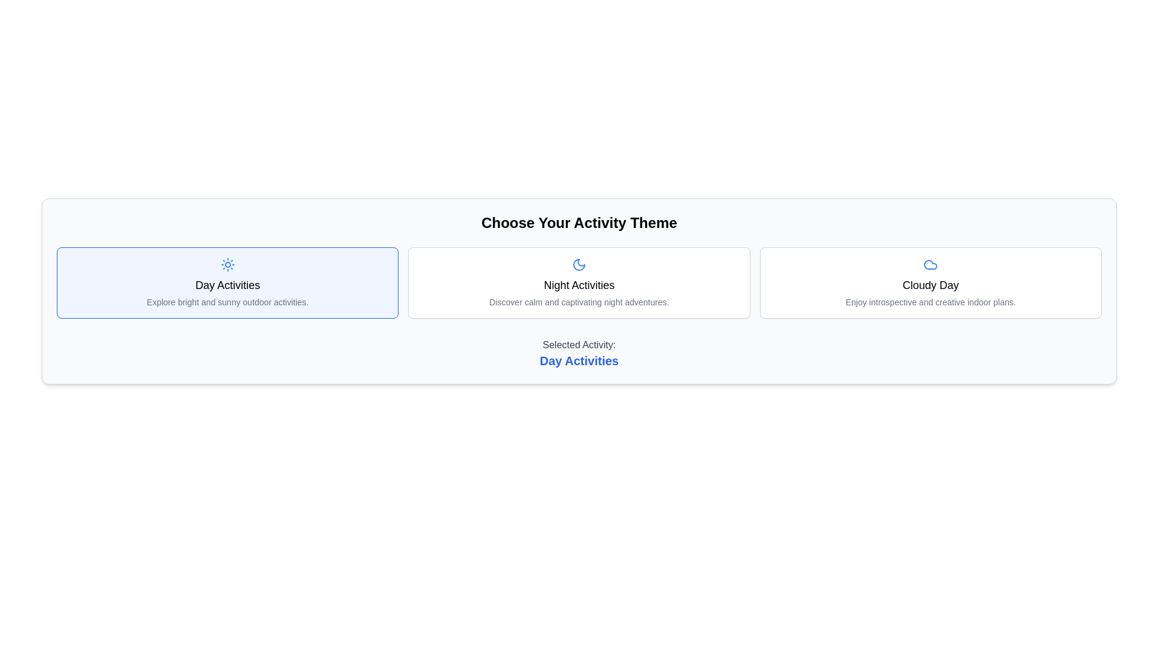 Image resolution: width=1161 pixels, height=653 pixels. I want to click on the 'Day Activities' header text label, which is positioned in the left panel of a three-panel layout, located below a decorative icon and above descriptive text, so click(227, 285).